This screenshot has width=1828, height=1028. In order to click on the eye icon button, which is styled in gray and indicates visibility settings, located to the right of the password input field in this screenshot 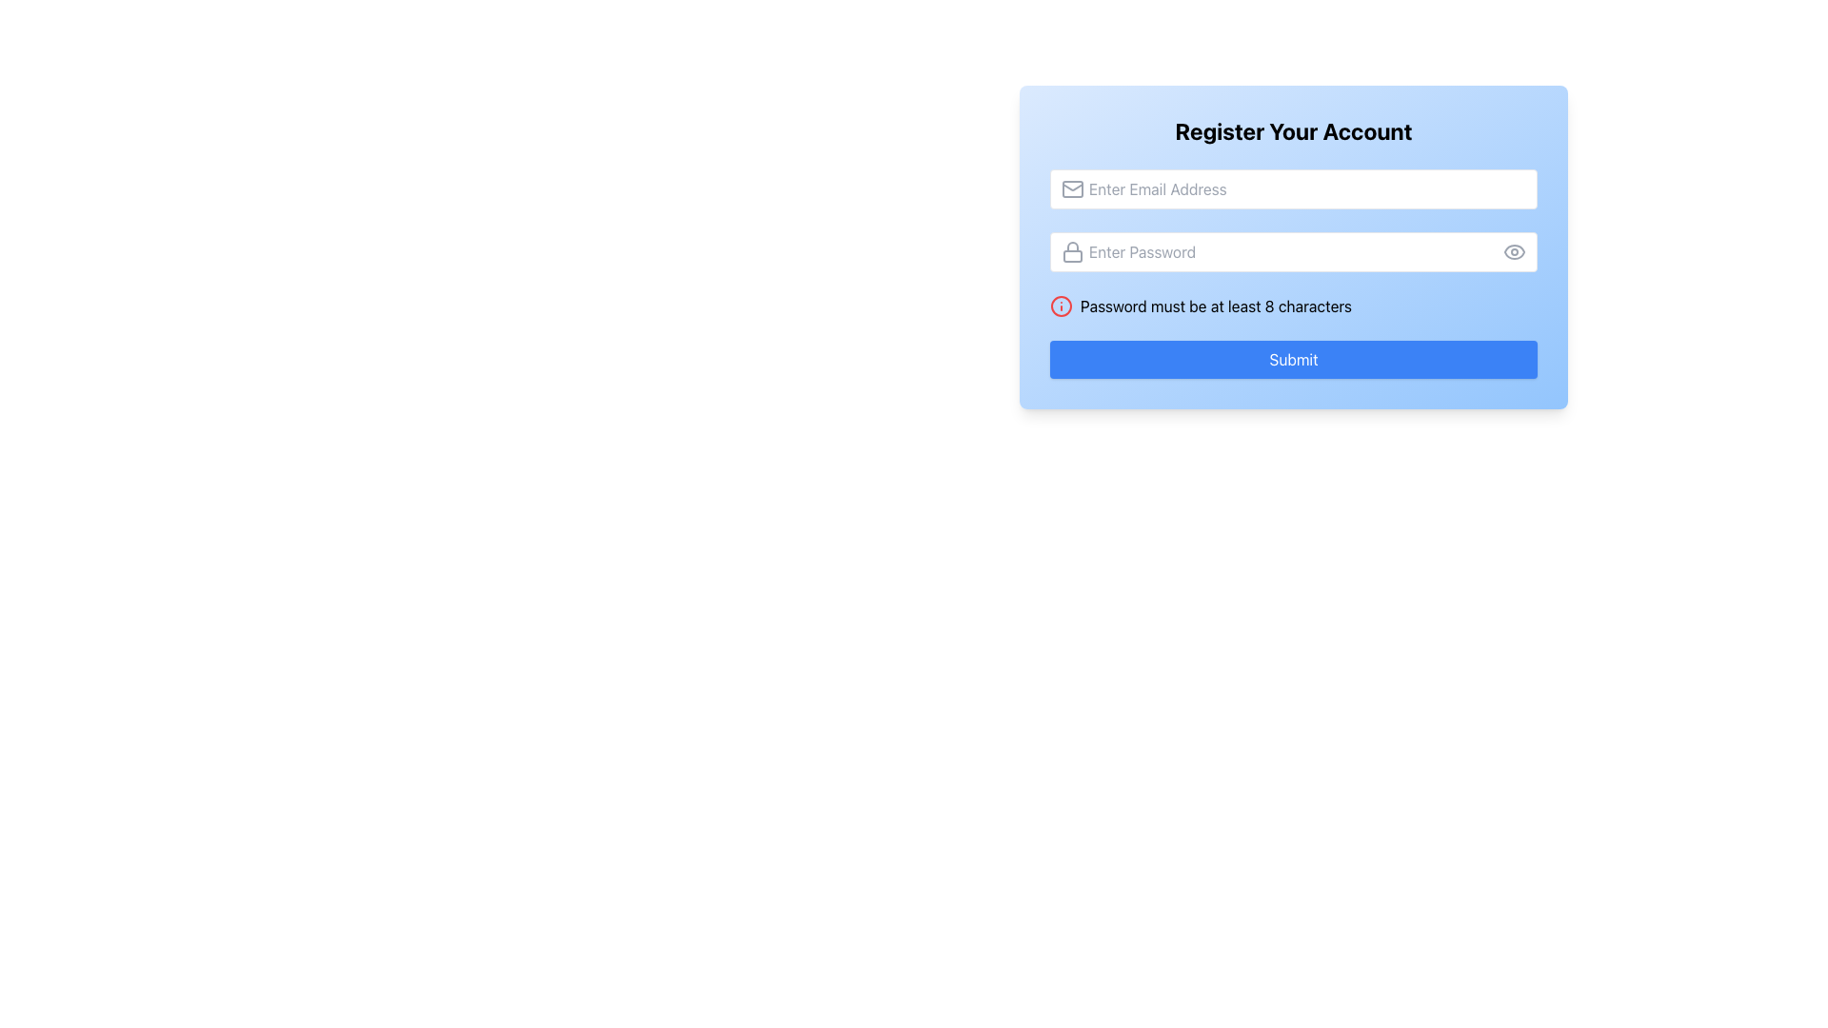, I will do `click(1513, 251)`.